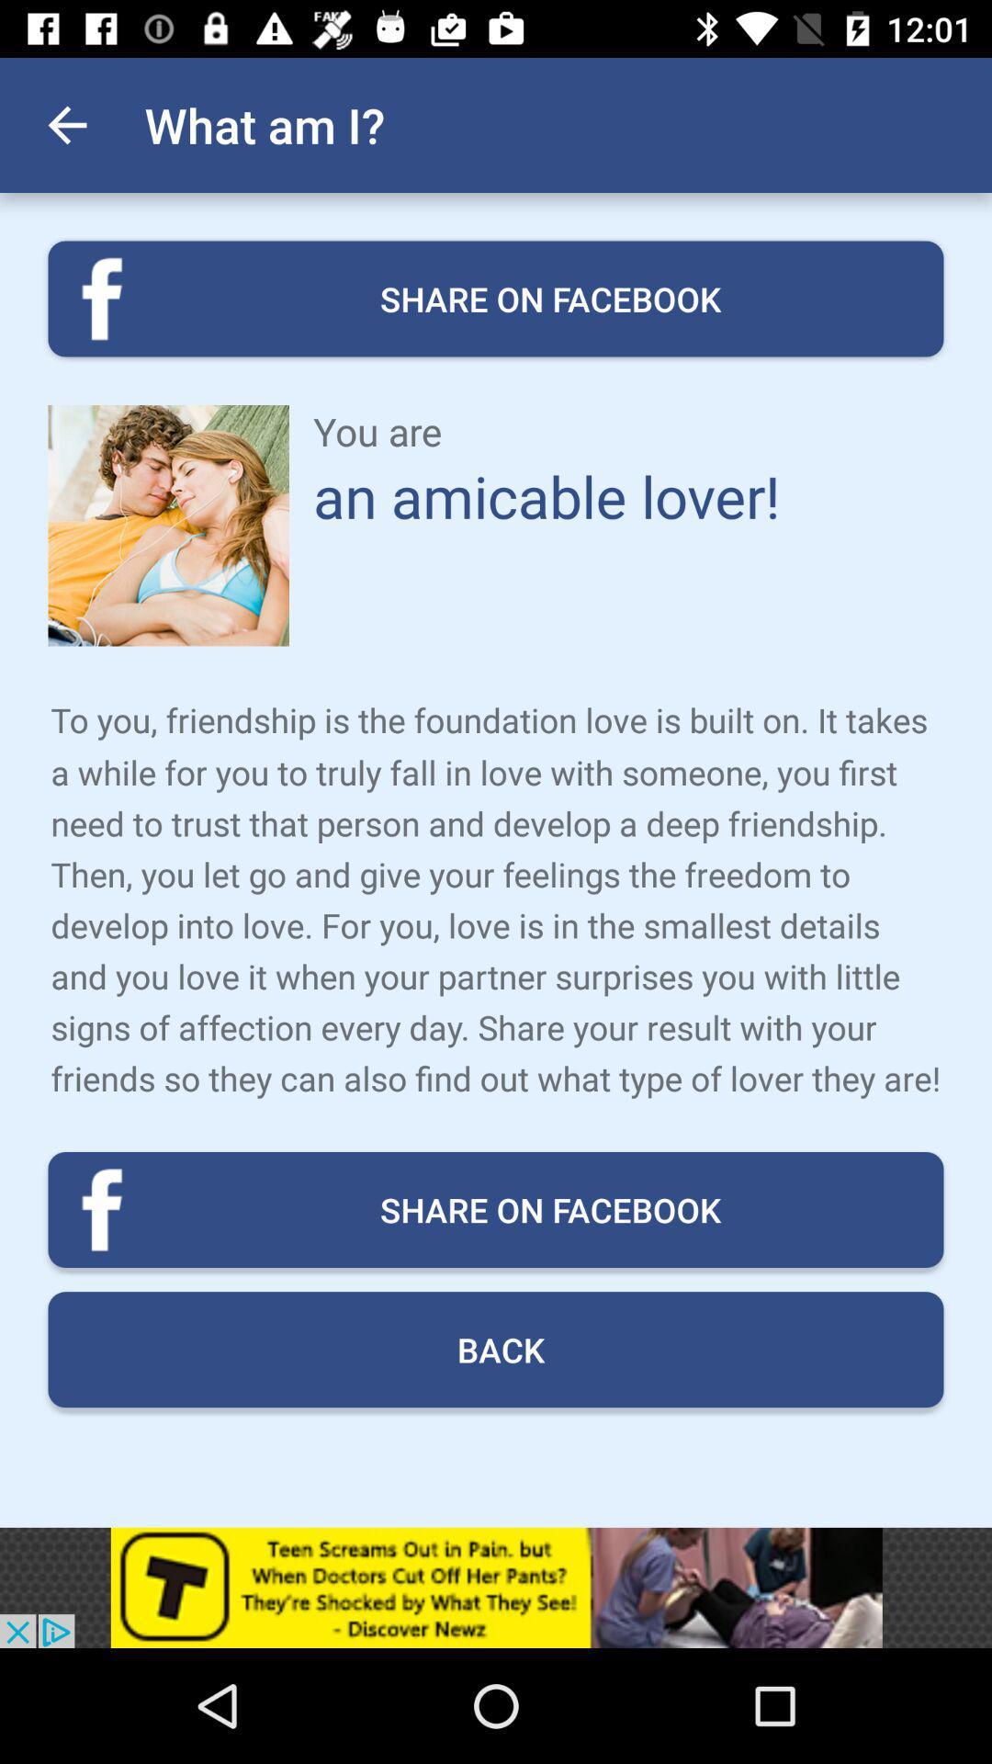 This screenshot has height=1764, width=992. I want to click on advertisements to watch, so click(496, 1587).